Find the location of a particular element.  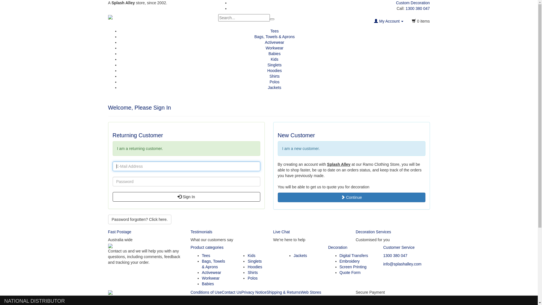

'My Account' is located at coordinates (370, 21).